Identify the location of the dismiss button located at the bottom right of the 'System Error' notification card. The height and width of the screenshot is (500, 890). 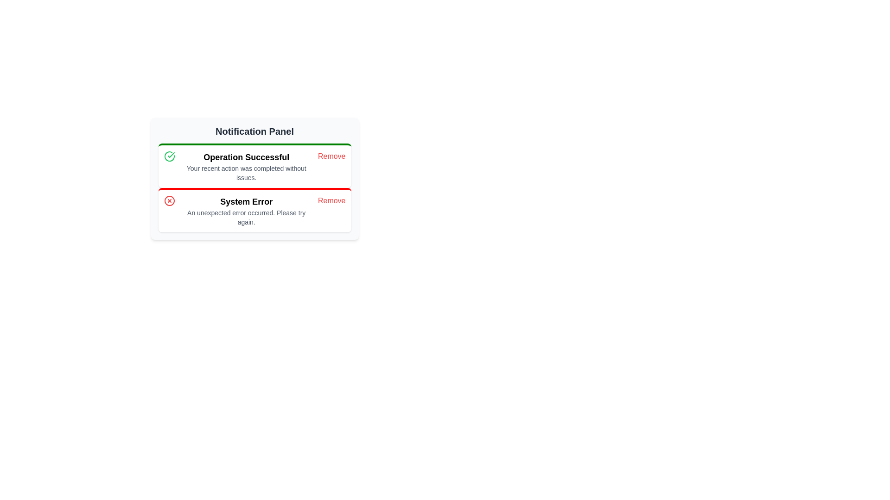
(331, 200).